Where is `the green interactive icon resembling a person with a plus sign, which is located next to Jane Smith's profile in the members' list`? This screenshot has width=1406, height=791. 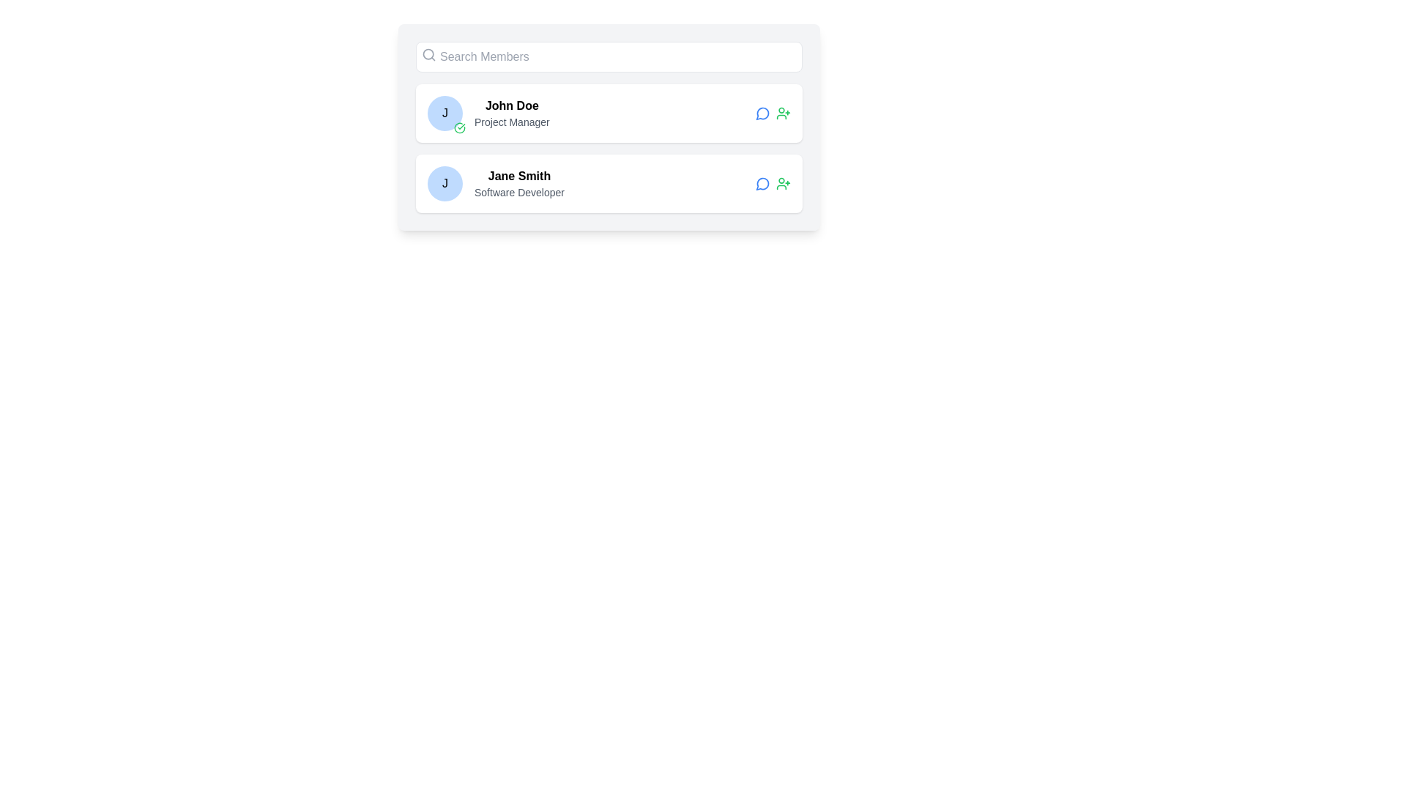 the green interactive icon resembling a person with a plus sign, which is located next to Jane Smith's profile in the members' list is located at coordinates (783, 182).